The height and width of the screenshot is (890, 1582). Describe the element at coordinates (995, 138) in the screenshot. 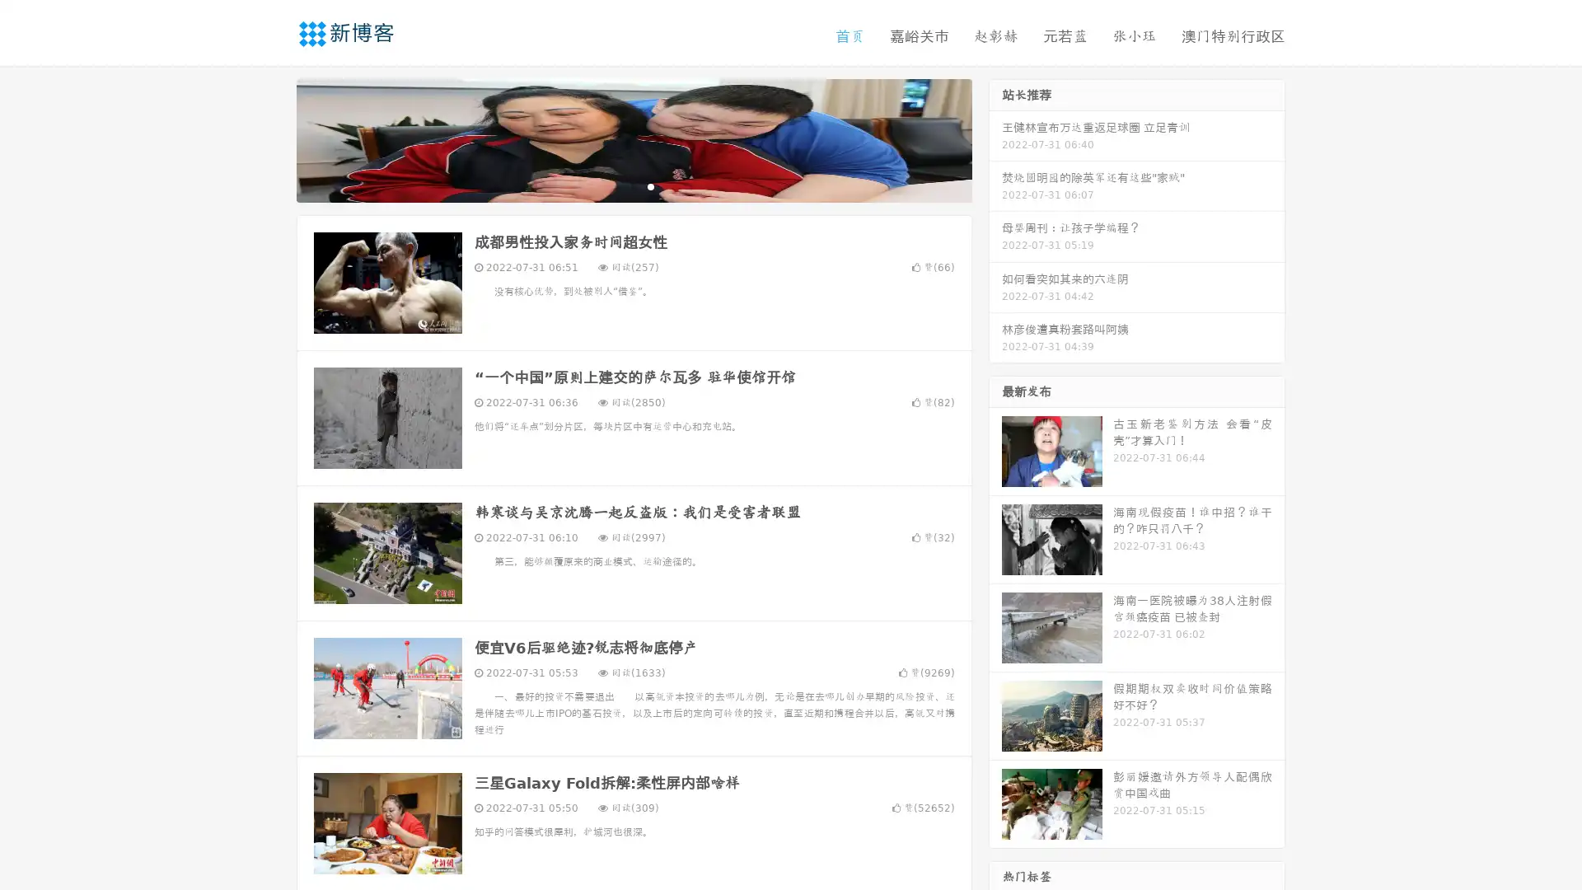

I see `Next slide` at that location.